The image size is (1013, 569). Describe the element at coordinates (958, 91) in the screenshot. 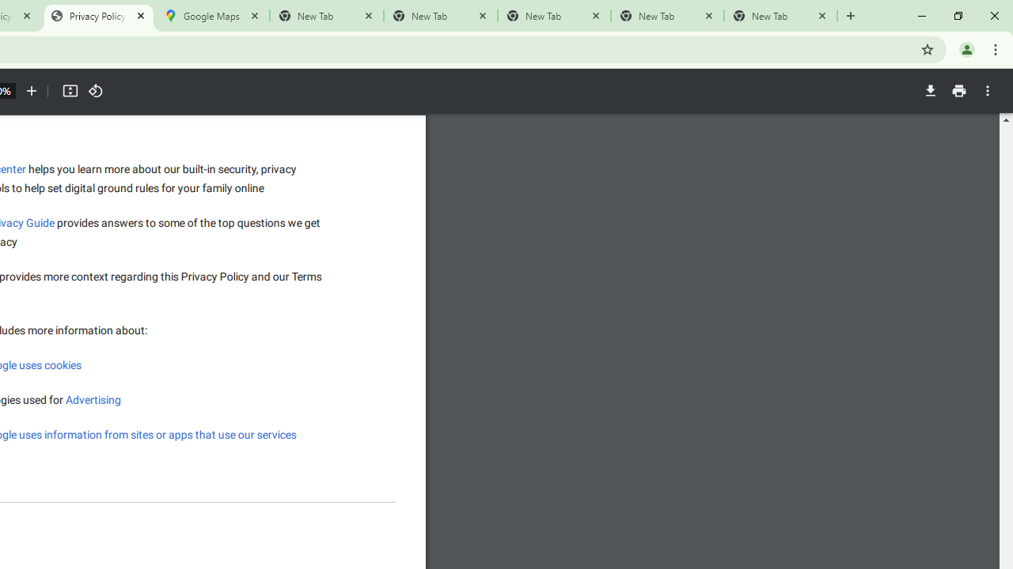

I see `'Print'` at that location.